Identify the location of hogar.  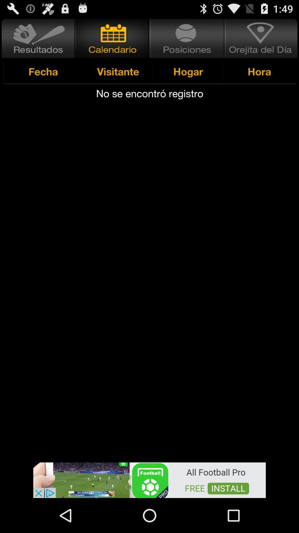
(187, 38).